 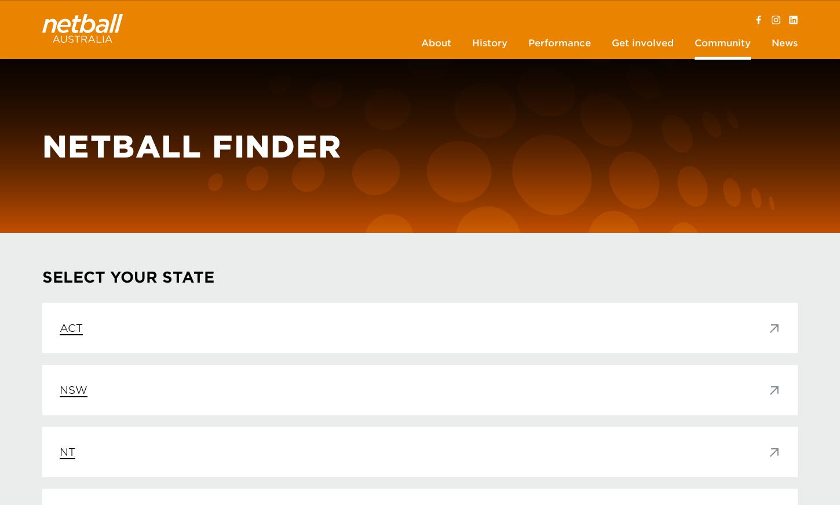 I want to click on 'Agents Accreditation Scheme', so click(x=300, y=149).